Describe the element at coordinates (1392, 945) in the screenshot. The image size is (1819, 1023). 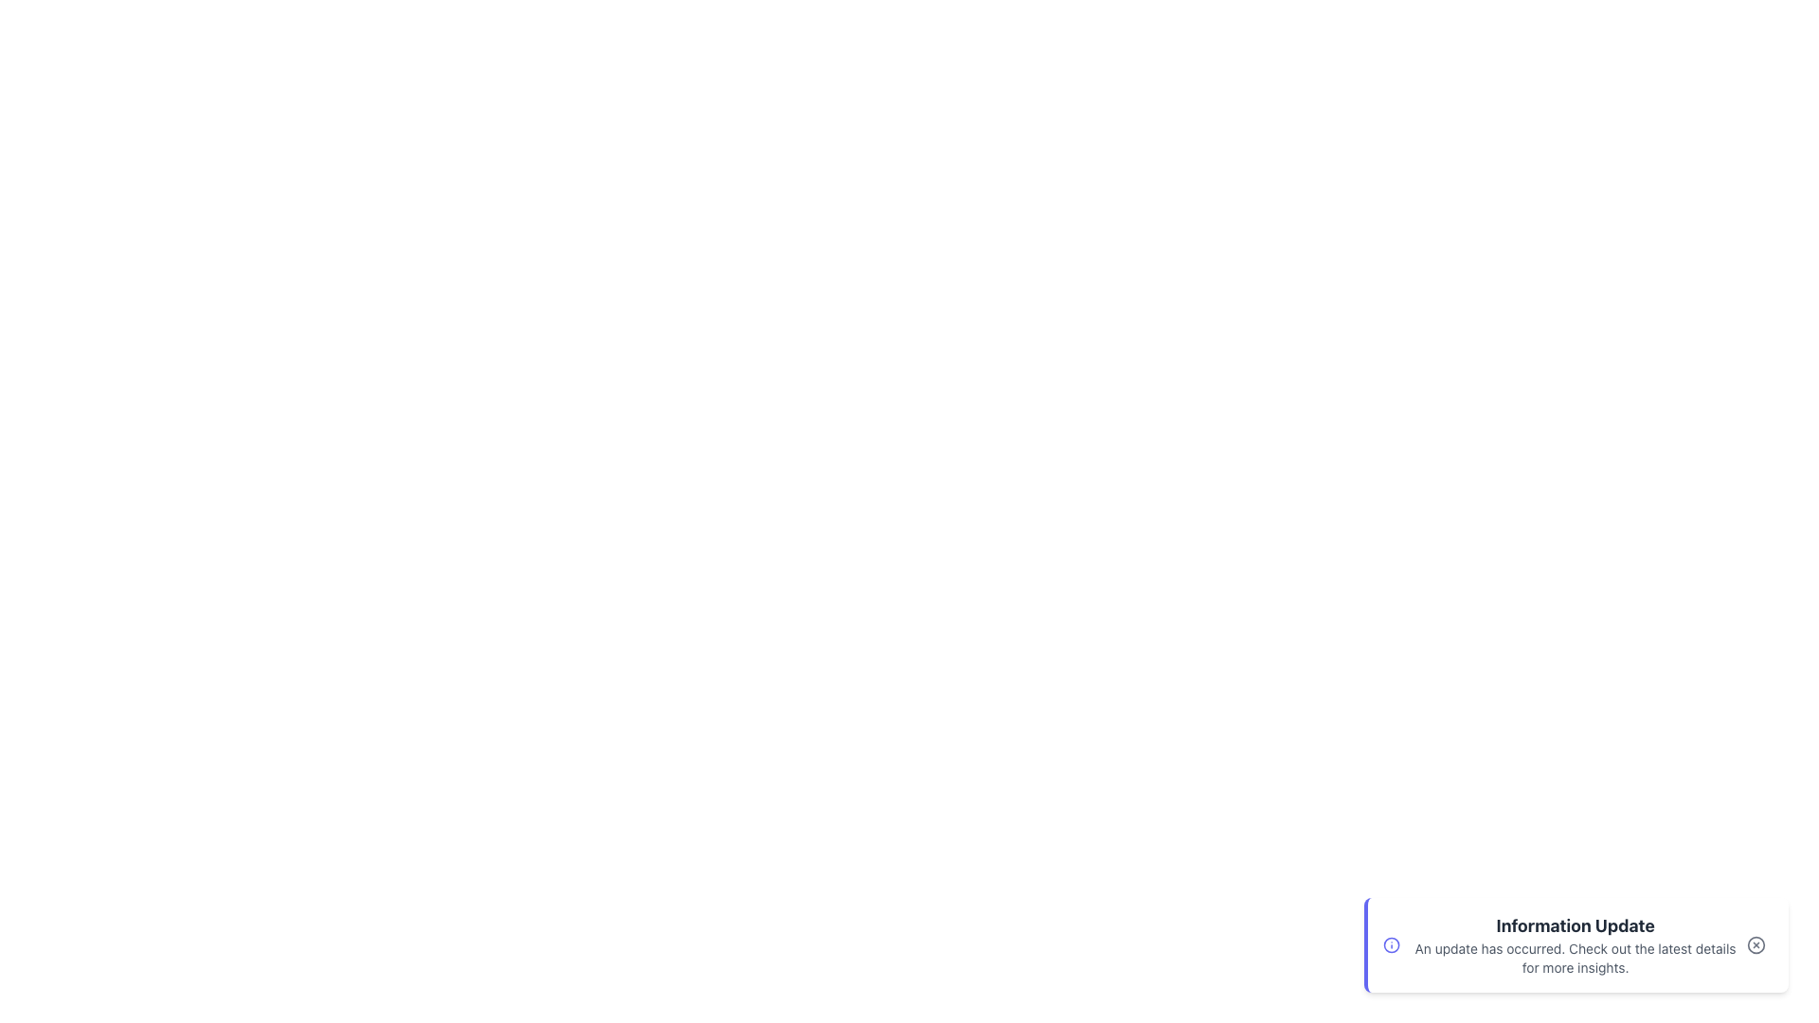
I see `the circular shape within the SVG component of the notification titled 'Information Update' located at the bottom-right corner of the interface` at that location.